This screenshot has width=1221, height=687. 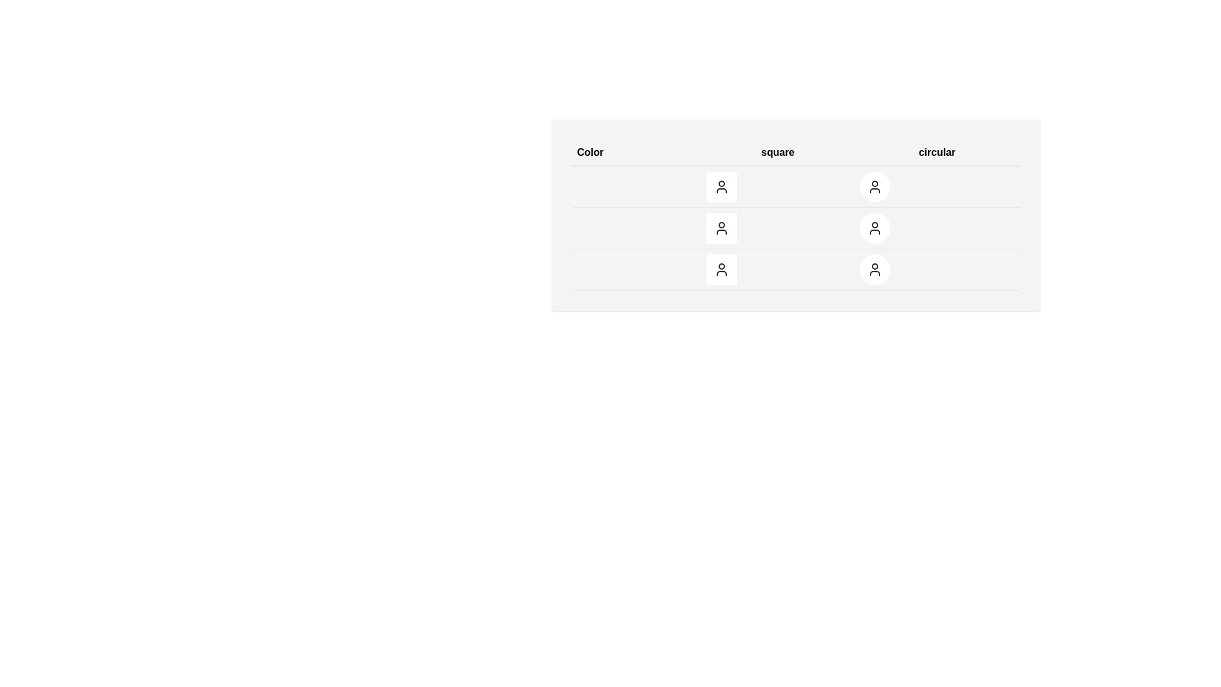 What do you see at coordinates (721, 269) in the screenshot?
I see `the user profile SVG icon located` at bounding box center [721, 269].